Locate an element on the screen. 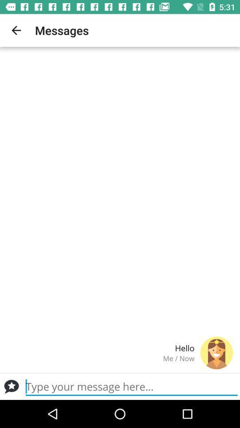 The height and width of the screenshot is (428, 240). icon to the right of hello icon is located at coordinates (216, 353).